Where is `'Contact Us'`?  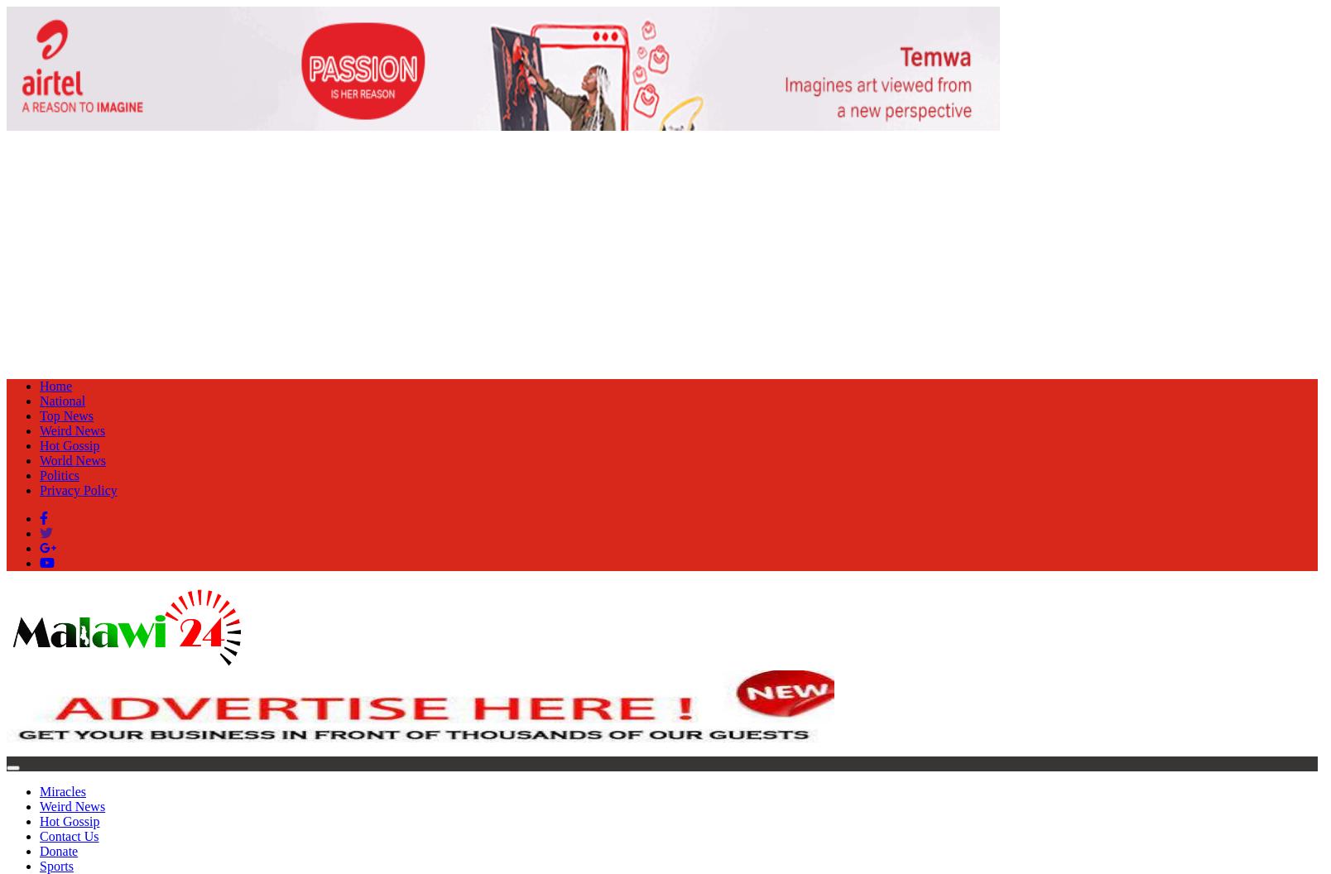
'Contact Us' is located at coordinates (69, 835).